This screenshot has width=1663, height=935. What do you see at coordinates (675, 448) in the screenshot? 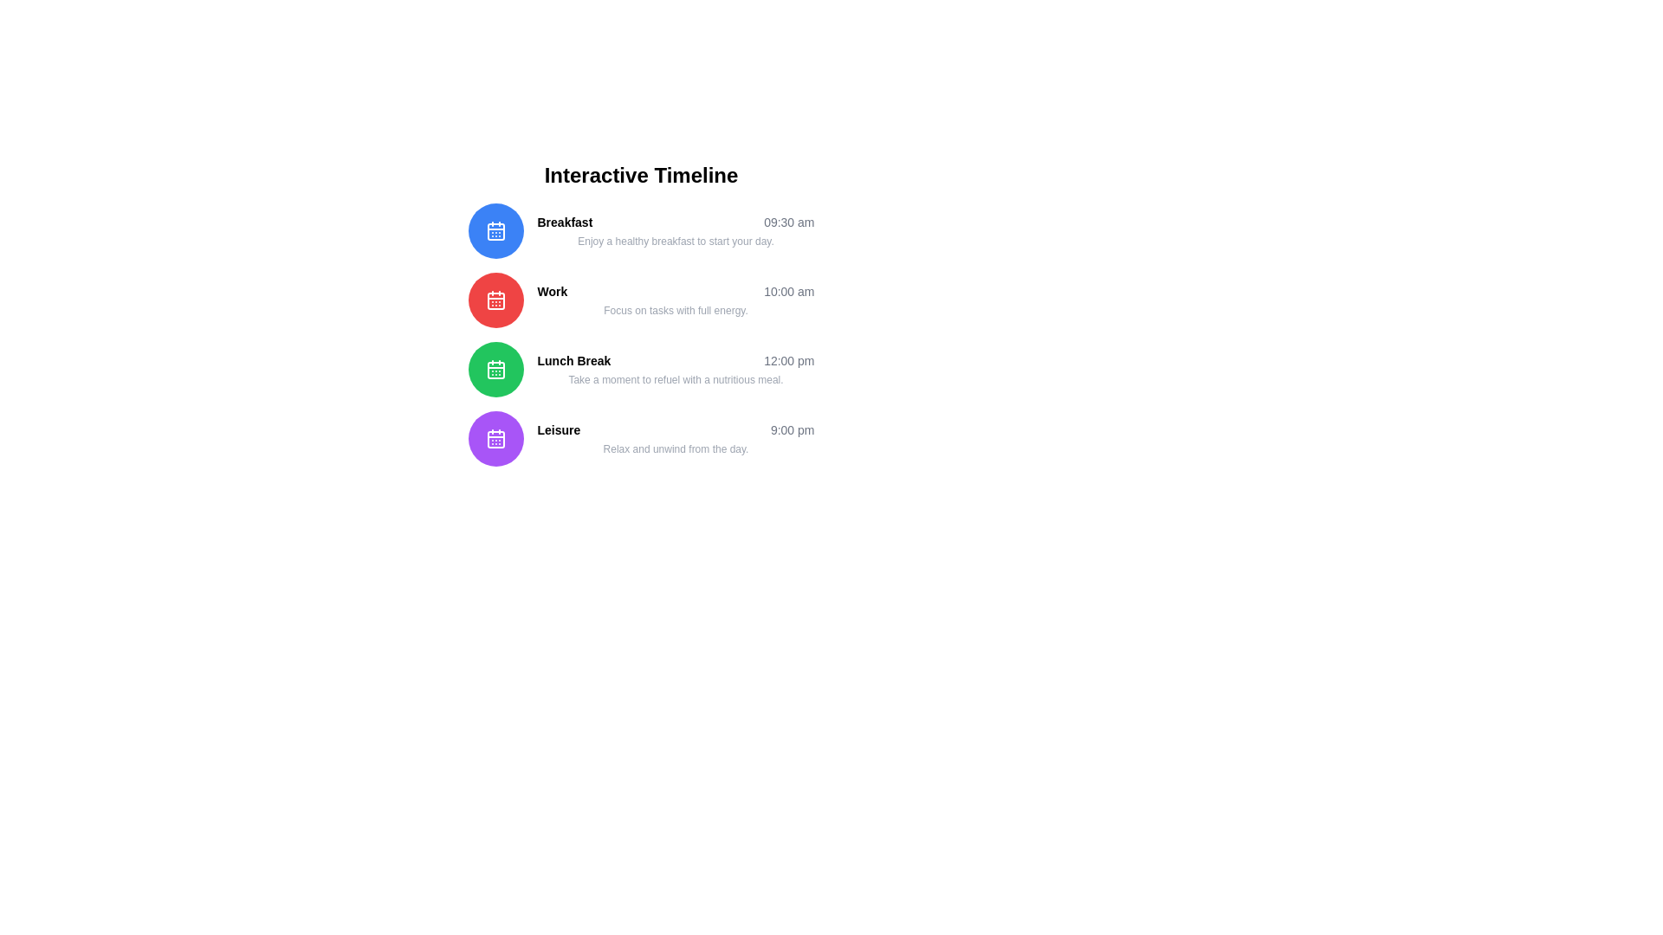
I see `the text label that reads 'Relax and unwind from the day.' located below the 'Leisure' label in the timeline interface` at bounding box center [675, 448].